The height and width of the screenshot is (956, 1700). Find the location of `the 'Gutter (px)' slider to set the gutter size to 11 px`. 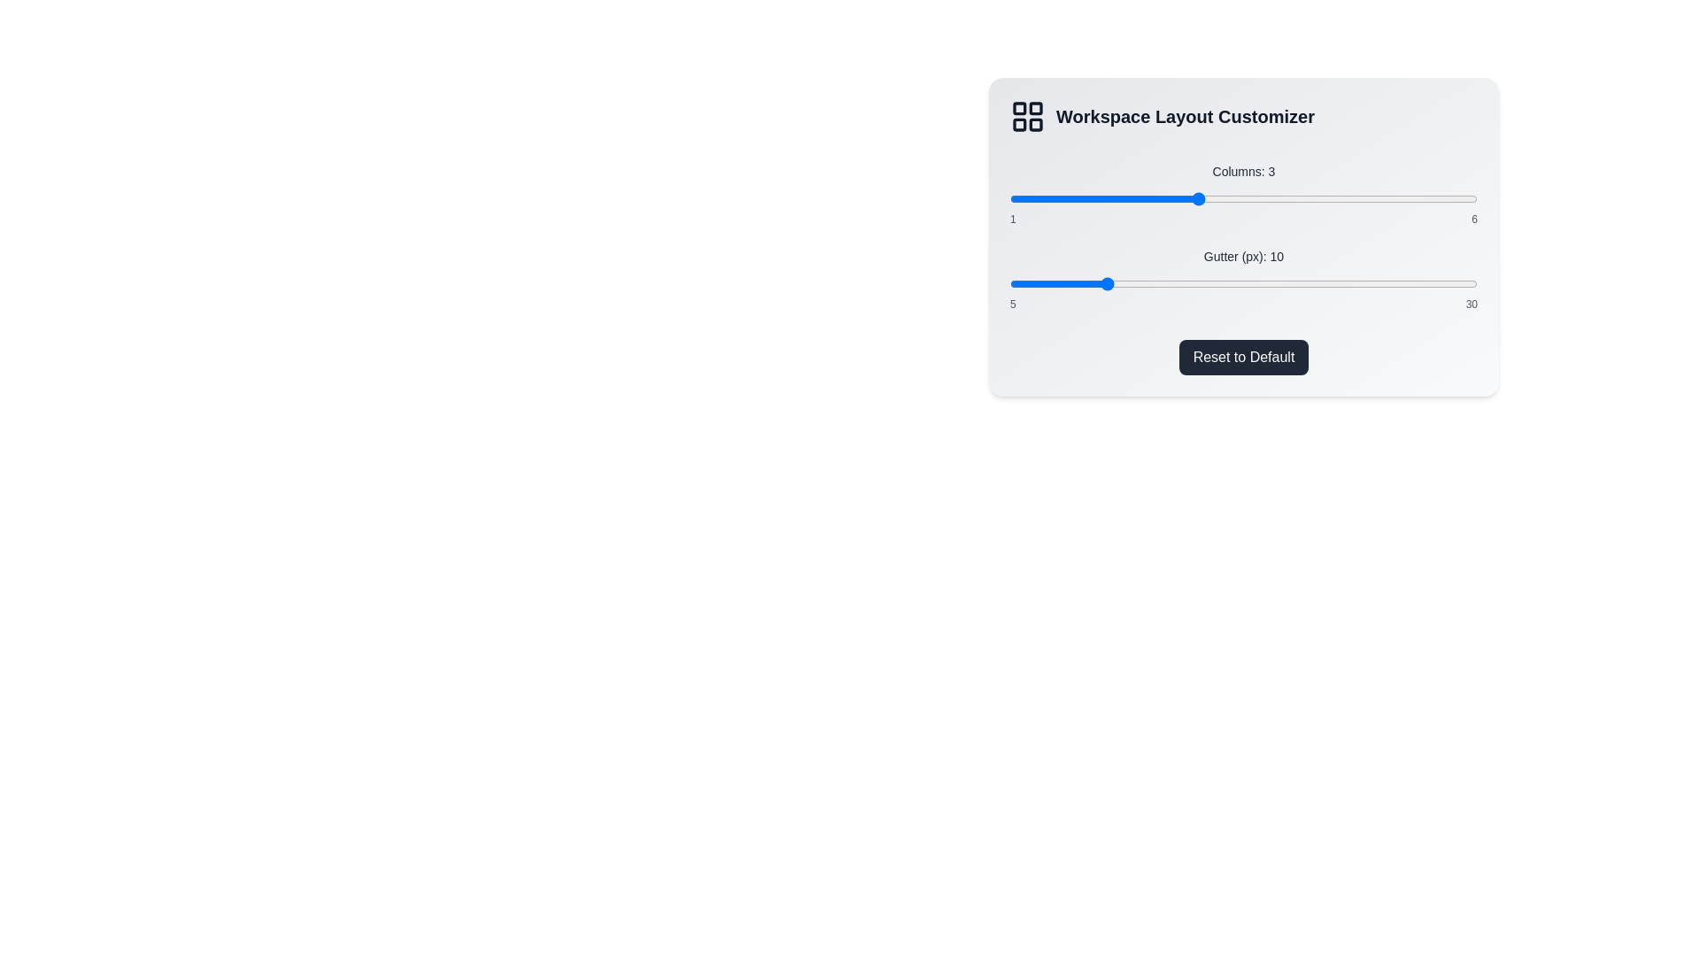

the 'Gutter (px)' slider to set the gutter size to 11 px is located at coordinates (1121, 282).